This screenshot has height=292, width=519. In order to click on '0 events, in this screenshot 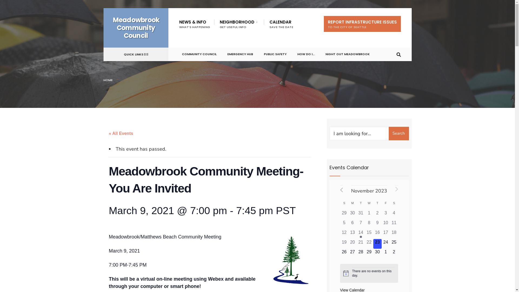, I will do `click(385, 224)`.